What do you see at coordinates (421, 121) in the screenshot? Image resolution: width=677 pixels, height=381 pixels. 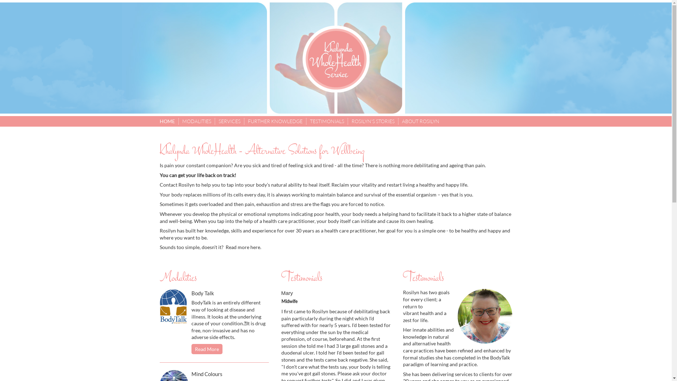 I see `'ABOUT ROSILYN'` at bounding box center [421, 121].